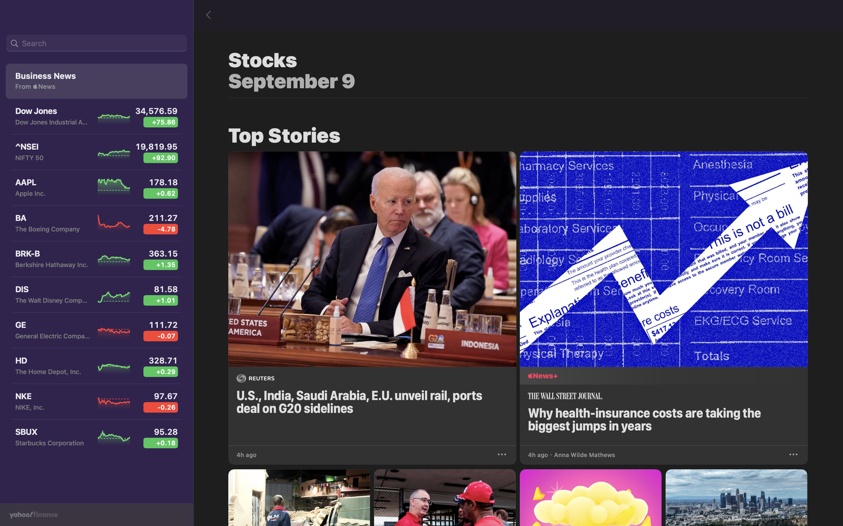  I want to click on Tap on the Home Depot stock to explore more information, so click(94, 367).